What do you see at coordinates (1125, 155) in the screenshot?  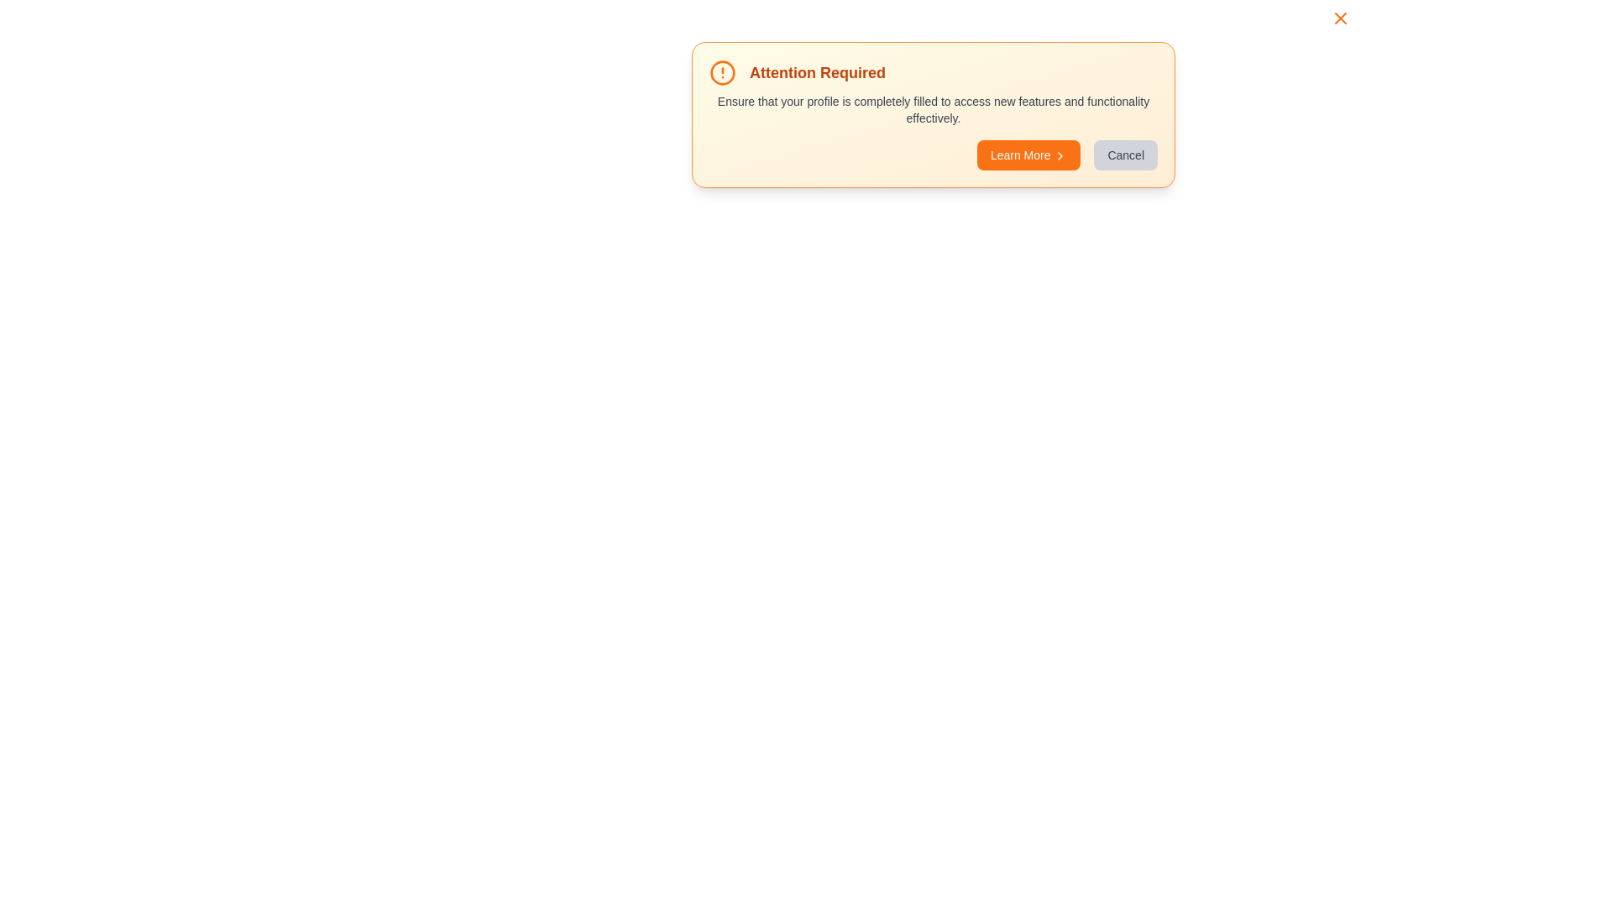 I see `'Cancel' button to dismiss the action options` at bounding box center [1125, 155].